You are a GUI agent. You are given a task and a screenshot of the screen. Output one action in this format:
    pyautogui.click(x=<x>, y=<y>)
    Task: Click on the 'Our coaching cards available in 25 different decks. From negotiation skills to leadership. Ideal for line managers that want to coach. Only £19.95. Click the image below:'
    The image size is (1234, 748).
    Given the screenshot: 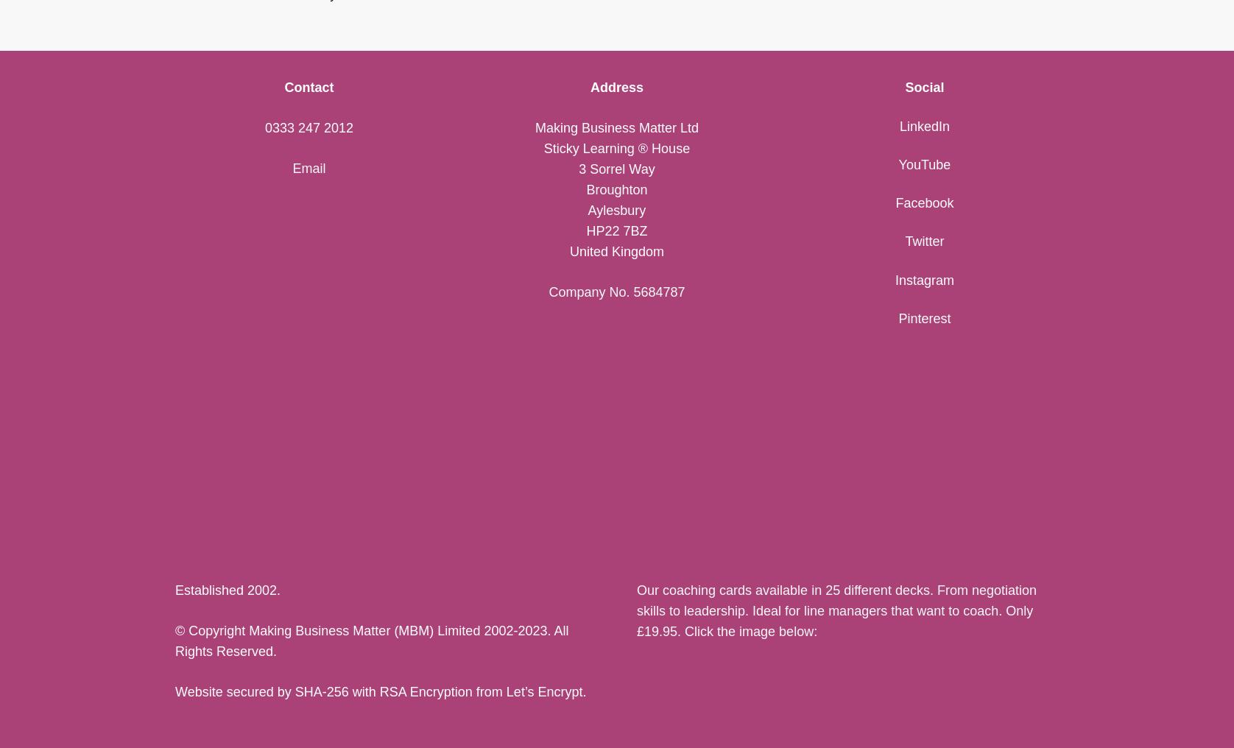 What is the action you would take?
    pyautogui.click(x=835, y=610)
    